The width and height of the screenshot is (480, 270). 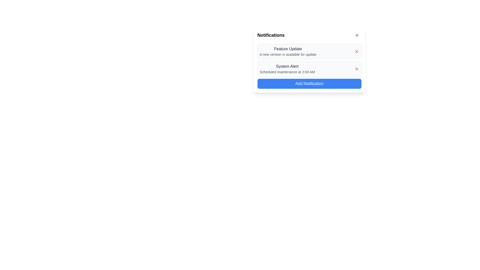 I want to click on the button located in the top-right corner of the 'System Alert' notification card, so click(x=356, y=69).